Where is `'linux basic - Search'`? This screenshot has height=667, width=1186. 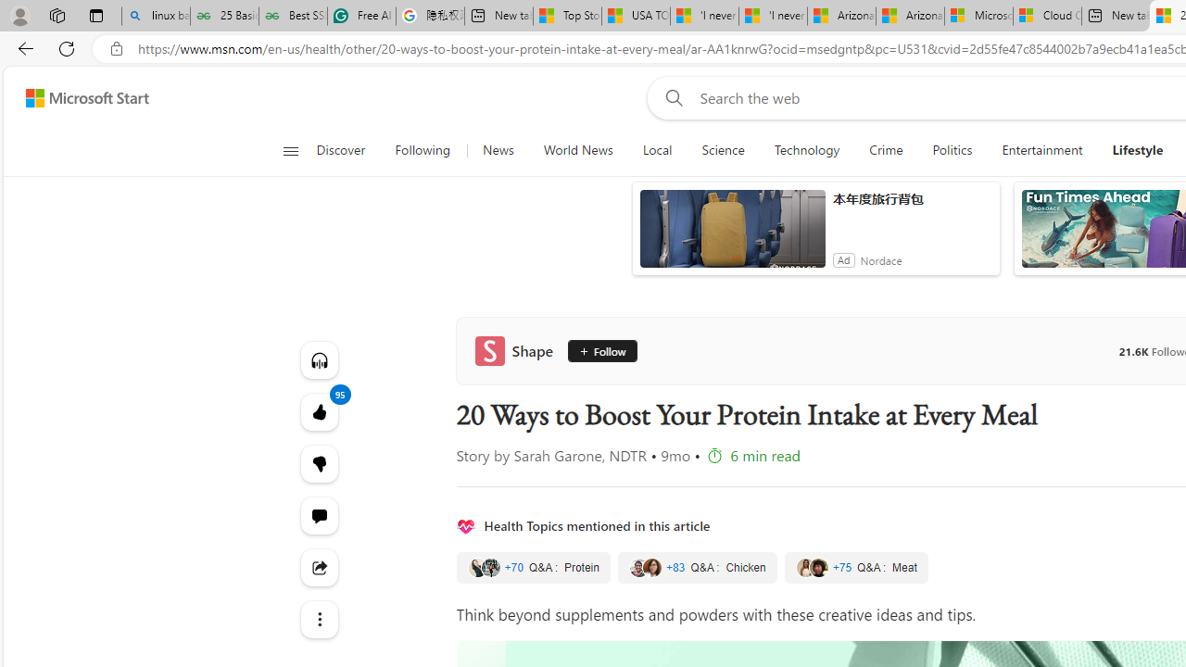 'linux basic - Search' is located at coordinates (156, 16).